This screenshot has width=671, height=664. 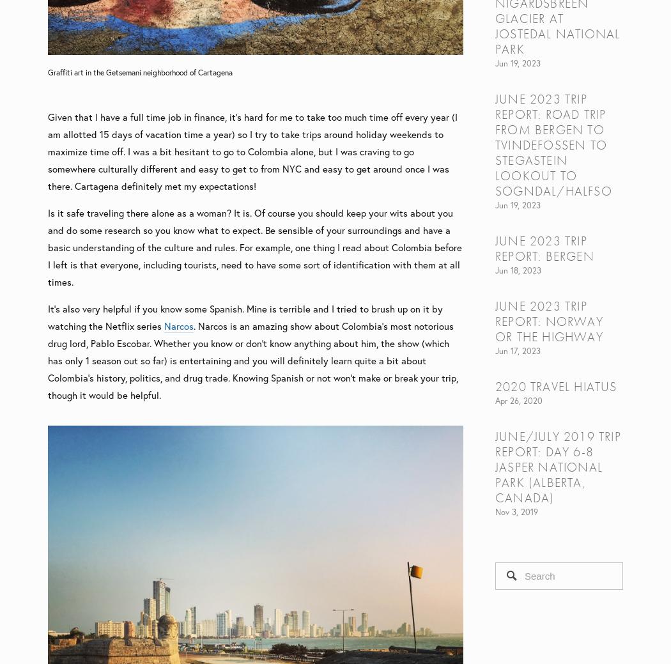 What do you see at coordinates (555, 387) in the screenshot?
I see `'2020 Travel Hiatus'` at bounding box center [555, 387].